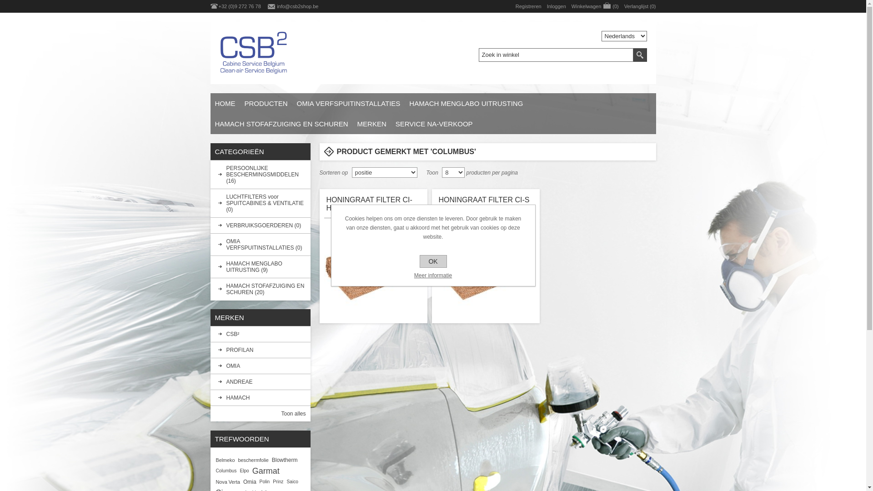  What do you see at coordinates (227, 481) in the screenshot?
I see `'Nova Verta'` at bounding box center [227, 481].